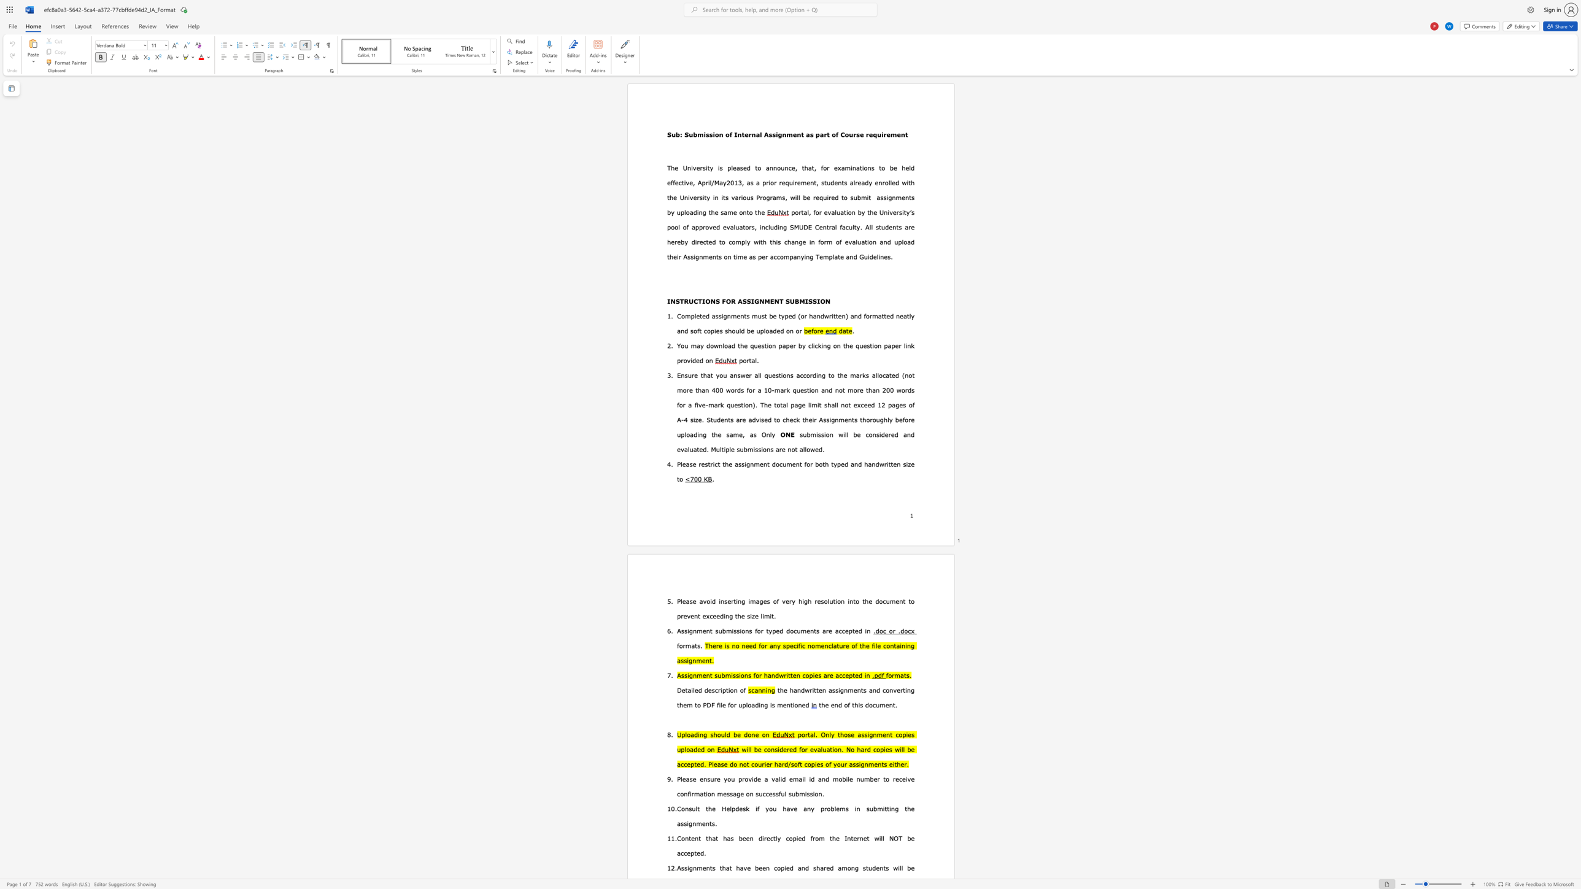 The height and width of the screenshot is (889, 1581). What do you see at coordinates (836, 464) in the screenshot?
I see `the subset text "ped and handwr" within the text "for both typed and handwritten"` at bounding box center [836, 464].